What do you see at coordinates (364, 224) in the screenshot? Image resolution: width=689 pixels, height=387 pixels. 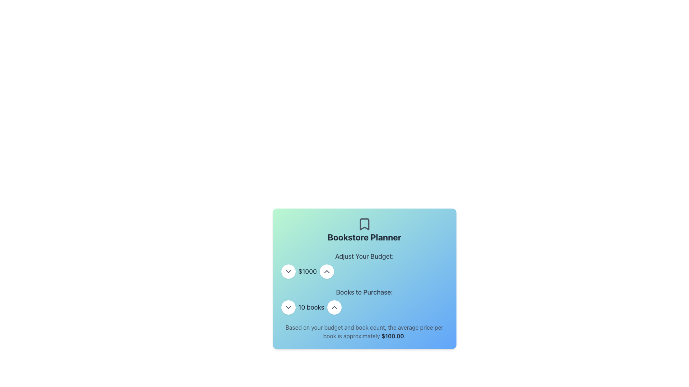 I see `the central icon representing the 'Bookstore Planner' theme, which is located above the header text of the same name in the main application interface` at bounding box center [364, 224].